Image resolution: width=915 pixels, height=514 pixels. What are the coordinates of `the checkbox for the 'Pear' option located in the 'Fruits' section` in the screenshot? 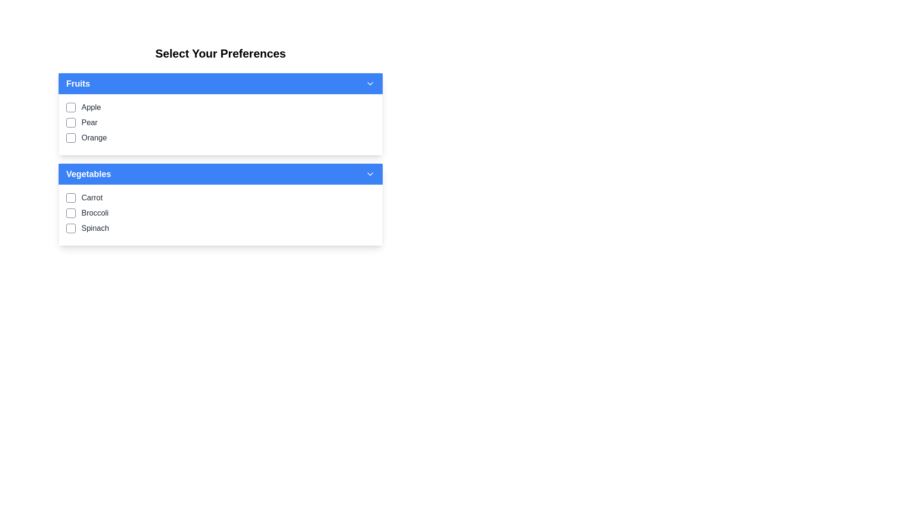 It's located at (220, 122).